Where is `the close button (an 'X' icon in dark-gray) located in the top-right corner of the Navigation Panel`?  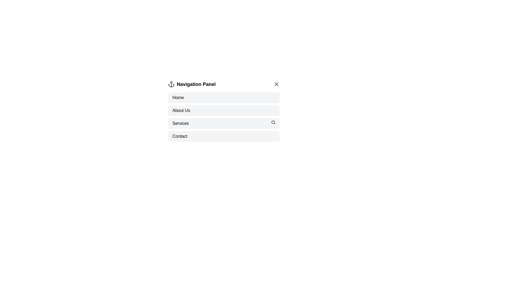 the close button (an 'X' icon in dark-gray) located in the top-right corner of the Navigation Panel is located at coordinates (277, 84).